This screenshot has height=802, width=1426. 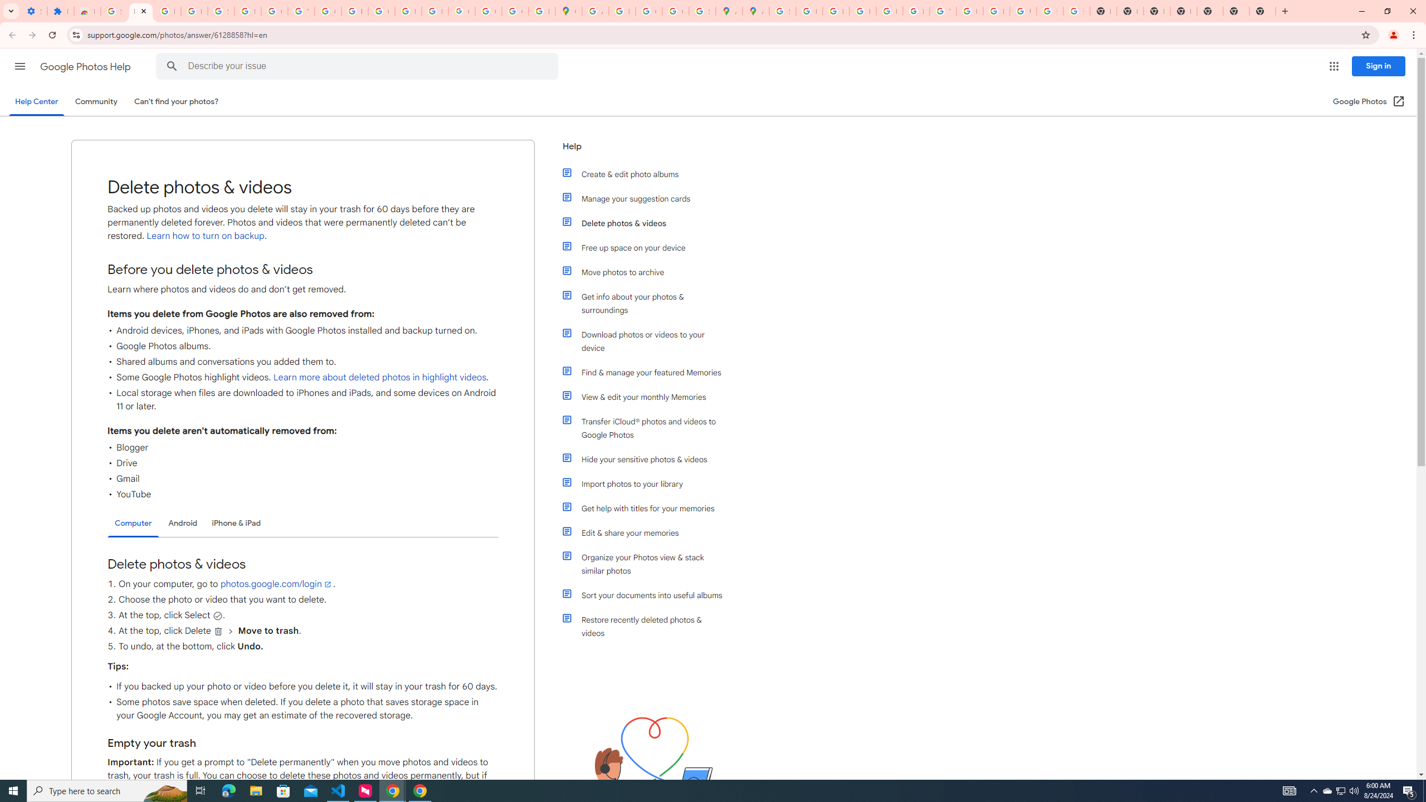 What do you see at coordinates (217, 615) in the screenshot?
I see `'Select'` at bounding box center [217, 615].